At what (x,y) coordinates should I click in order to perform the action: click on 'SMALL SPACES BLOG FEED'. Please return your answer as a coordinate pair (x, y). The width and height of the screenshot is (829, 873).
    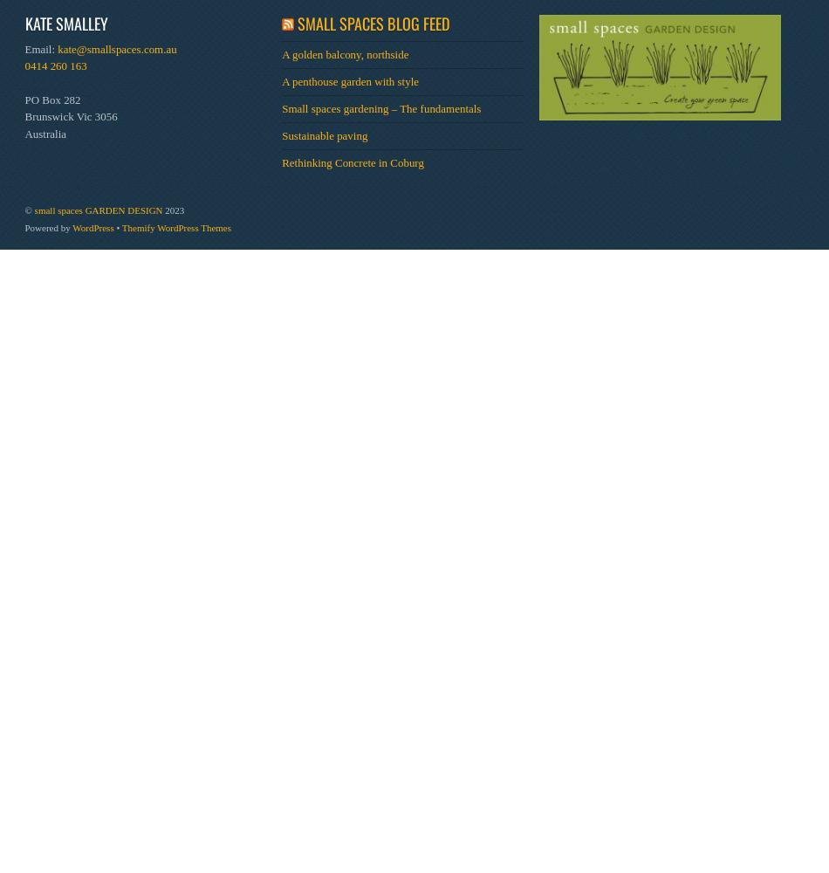
    Looking at the image, I should click on (296, 22).